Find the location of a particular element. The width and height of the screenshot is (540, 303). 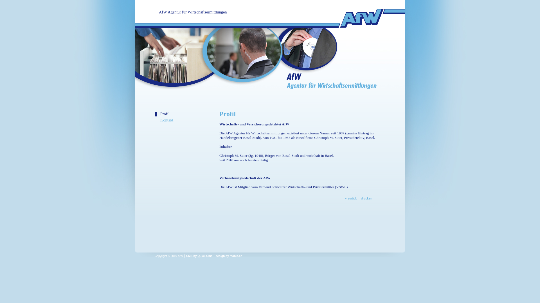

'drucken' is located at coordinates (366, 198).